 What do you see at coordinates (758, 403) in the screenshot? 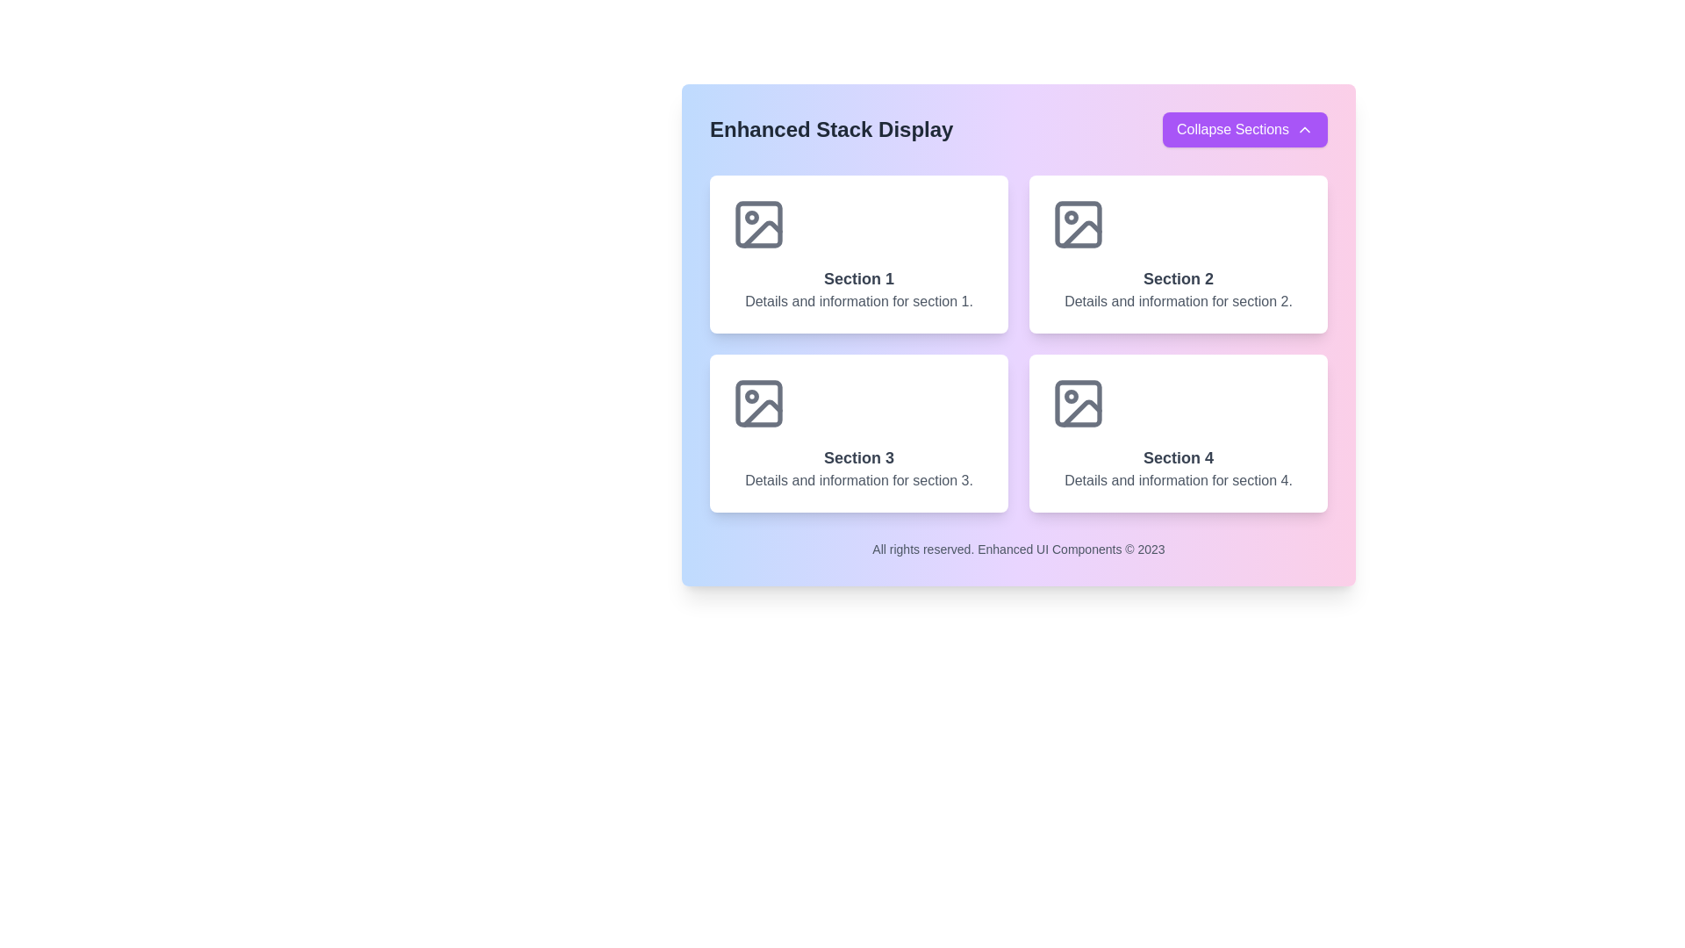
I see `the illustrative icon for 'Section 3' located centrally above the text details of that section` at bounding box center [758, 403].